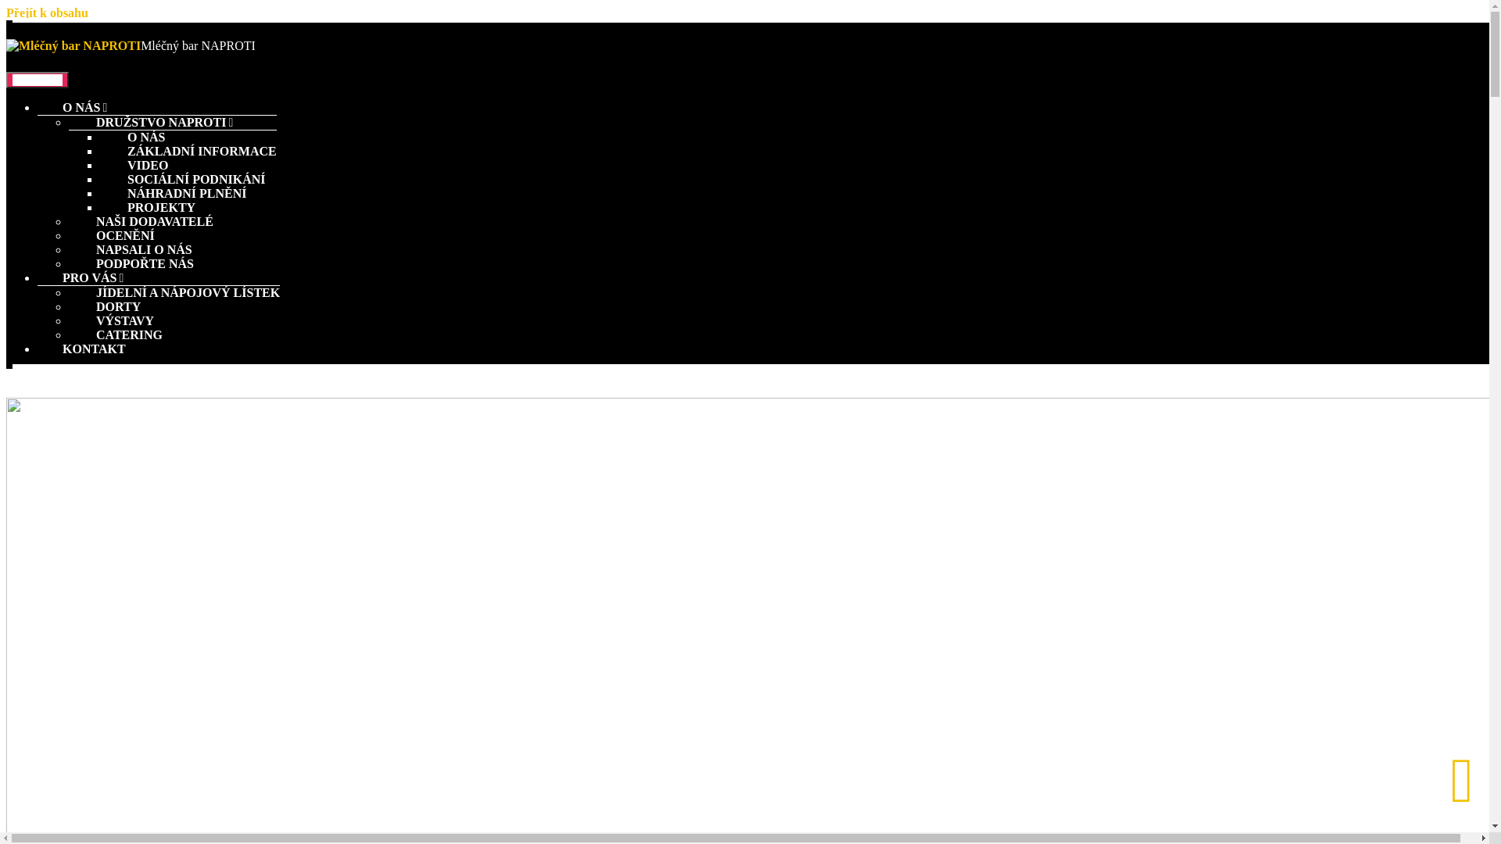 Image resolution: width=1501 pixels, height=844 pixels. What do you see at coordinates (134, 148) in the screenshot?
I see `'VIDEO'` at bounding box center [134, 148].